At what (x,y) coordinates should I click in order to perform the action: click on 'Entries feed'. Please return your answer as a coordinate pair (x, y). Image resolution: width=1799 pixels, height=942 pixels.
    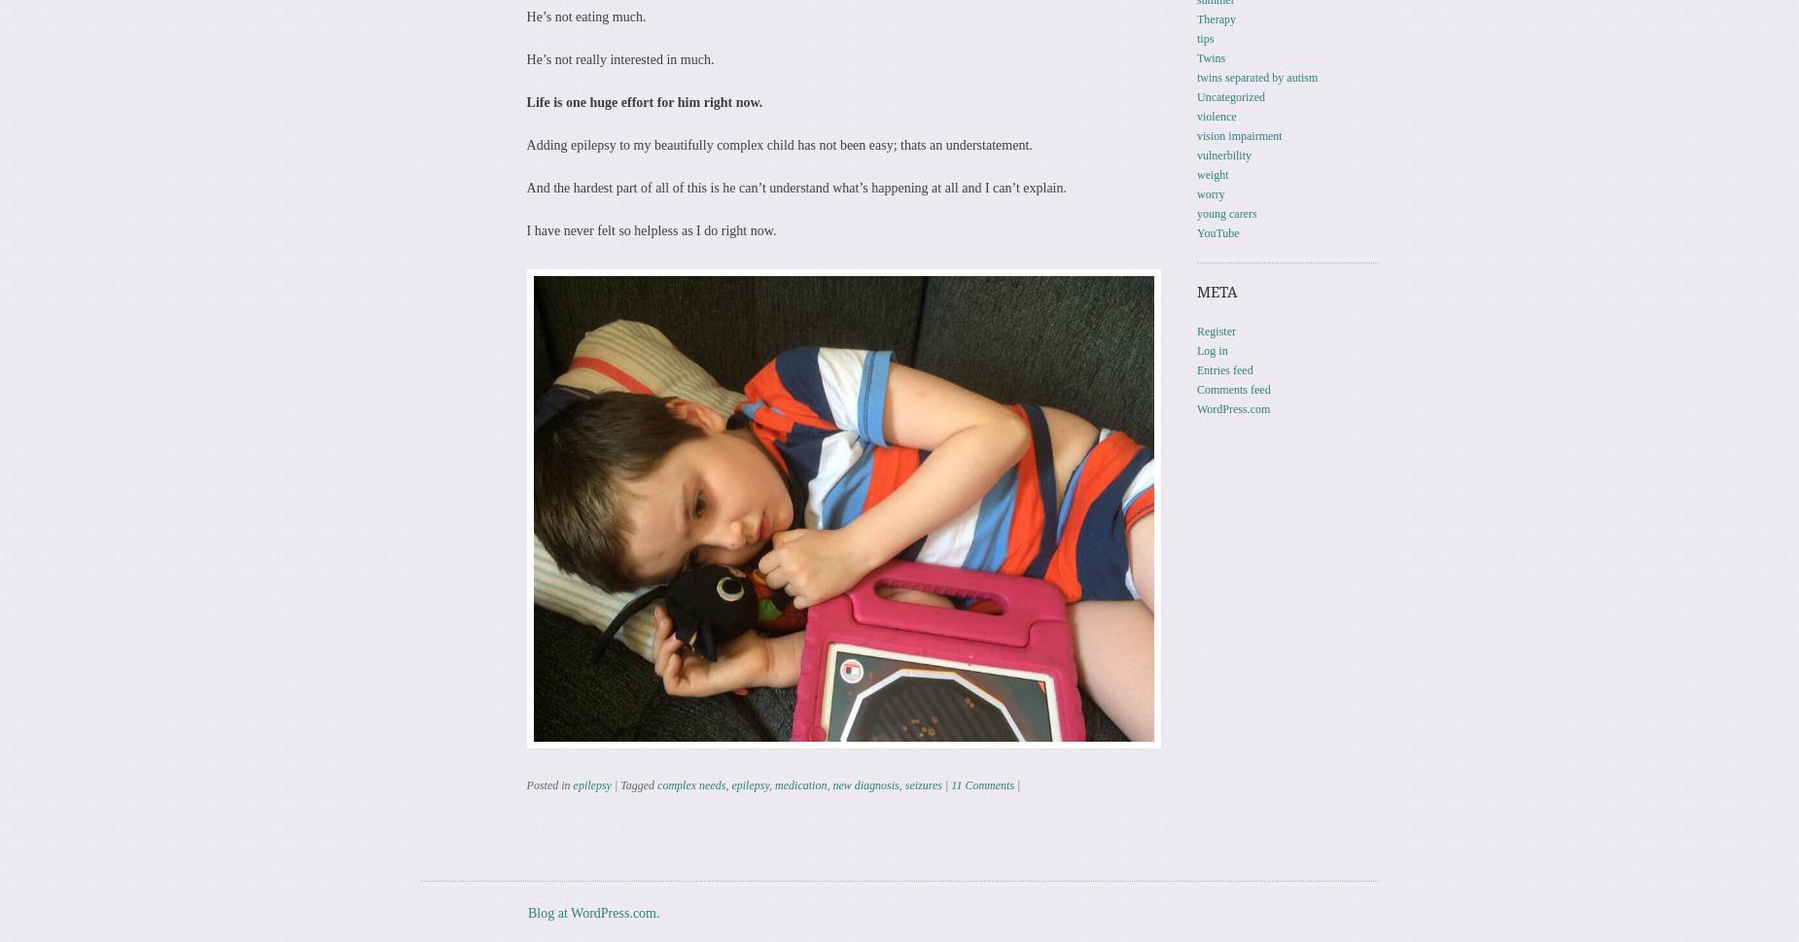
    Looking at the image, I should click on (1223, 369).